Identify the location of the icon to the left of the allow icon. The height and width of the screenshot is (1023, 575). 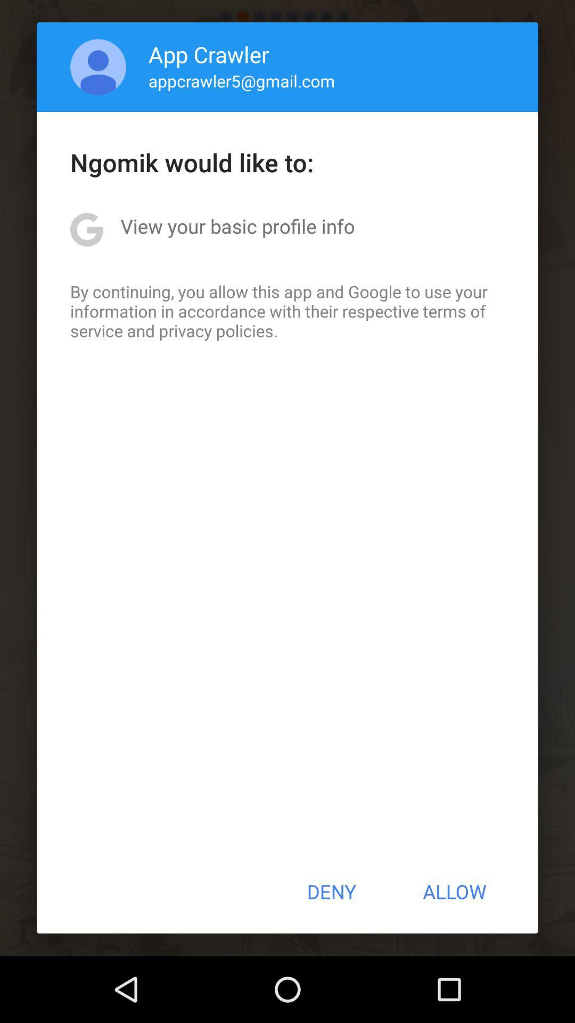
(331, 891).